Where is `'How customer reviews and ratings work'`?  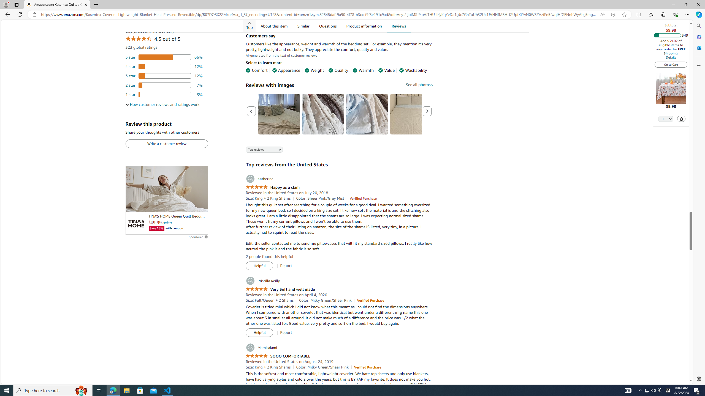
'How customer reviews and ratings work' is located at coordinates (162, 104).